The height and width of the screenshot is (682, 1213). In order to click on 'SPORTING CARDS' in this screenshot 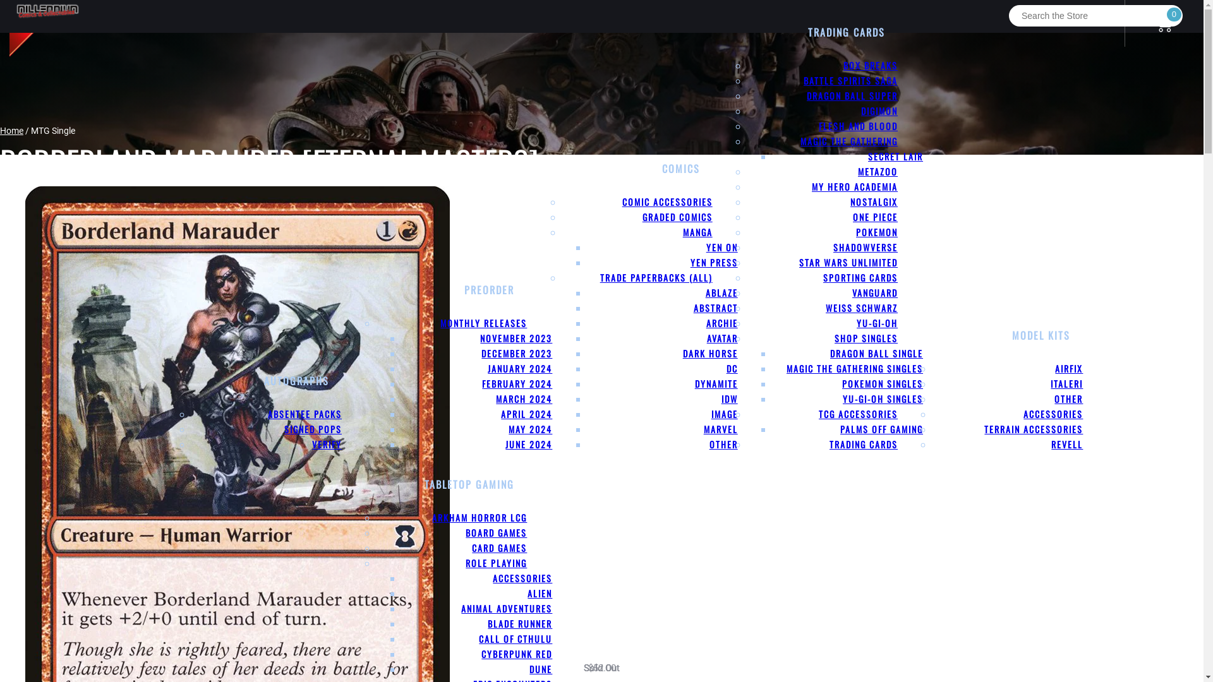, I will do `click(860, 277)`.